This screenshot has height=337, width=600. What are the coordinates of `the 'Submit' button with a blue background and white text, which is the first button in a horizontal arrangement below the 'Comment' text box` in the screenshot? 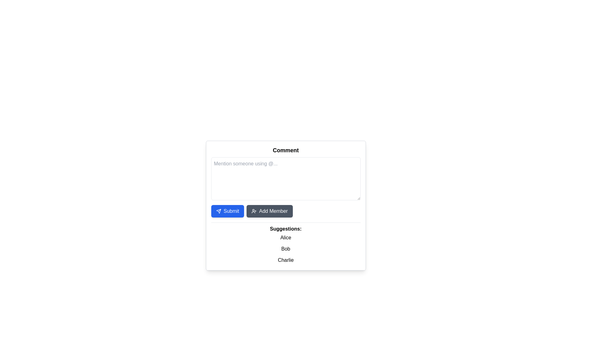 It's located at (227, 211).